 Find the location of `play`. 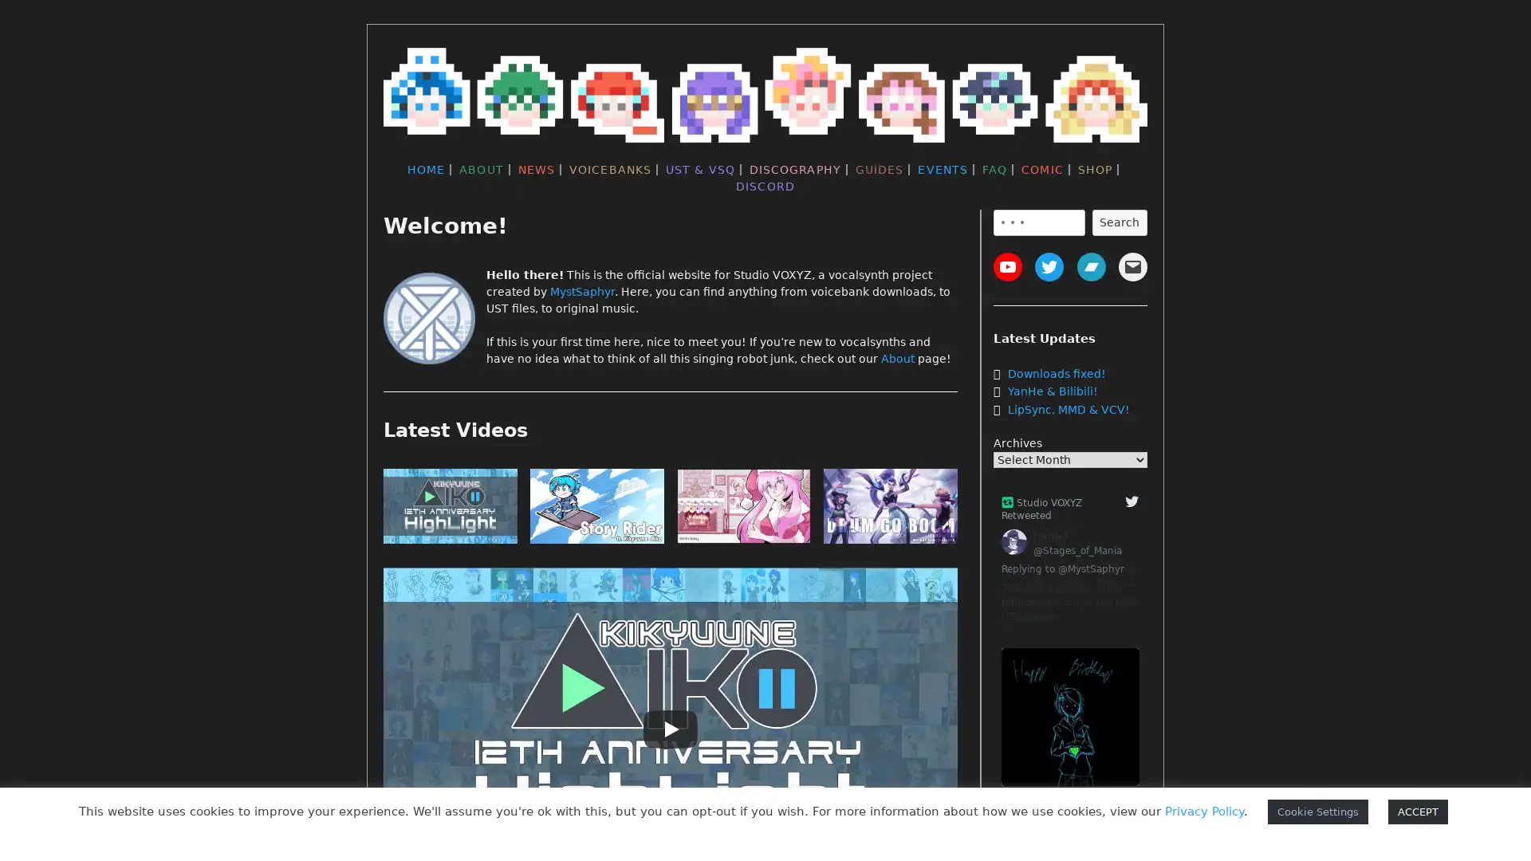

play is located at coordinates (450, 509).